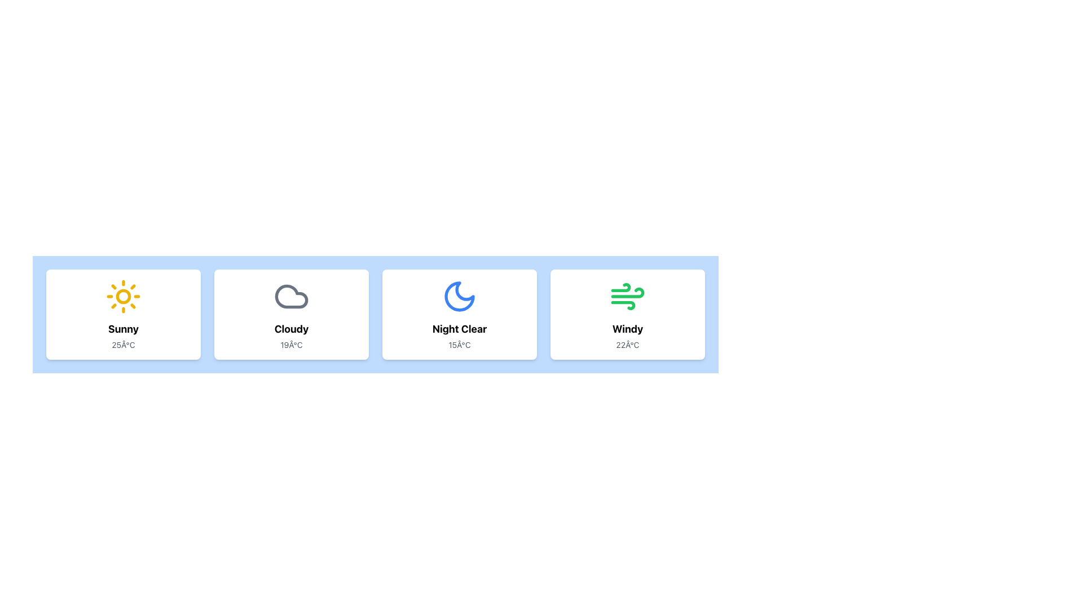  What do you see at coordinates (292, 295) in the screenshot?
I see `the 'Cloudy' weather icon located in the second card, which visually represents the weather condition with a title and subtitle` at bounding box center [292, 295].